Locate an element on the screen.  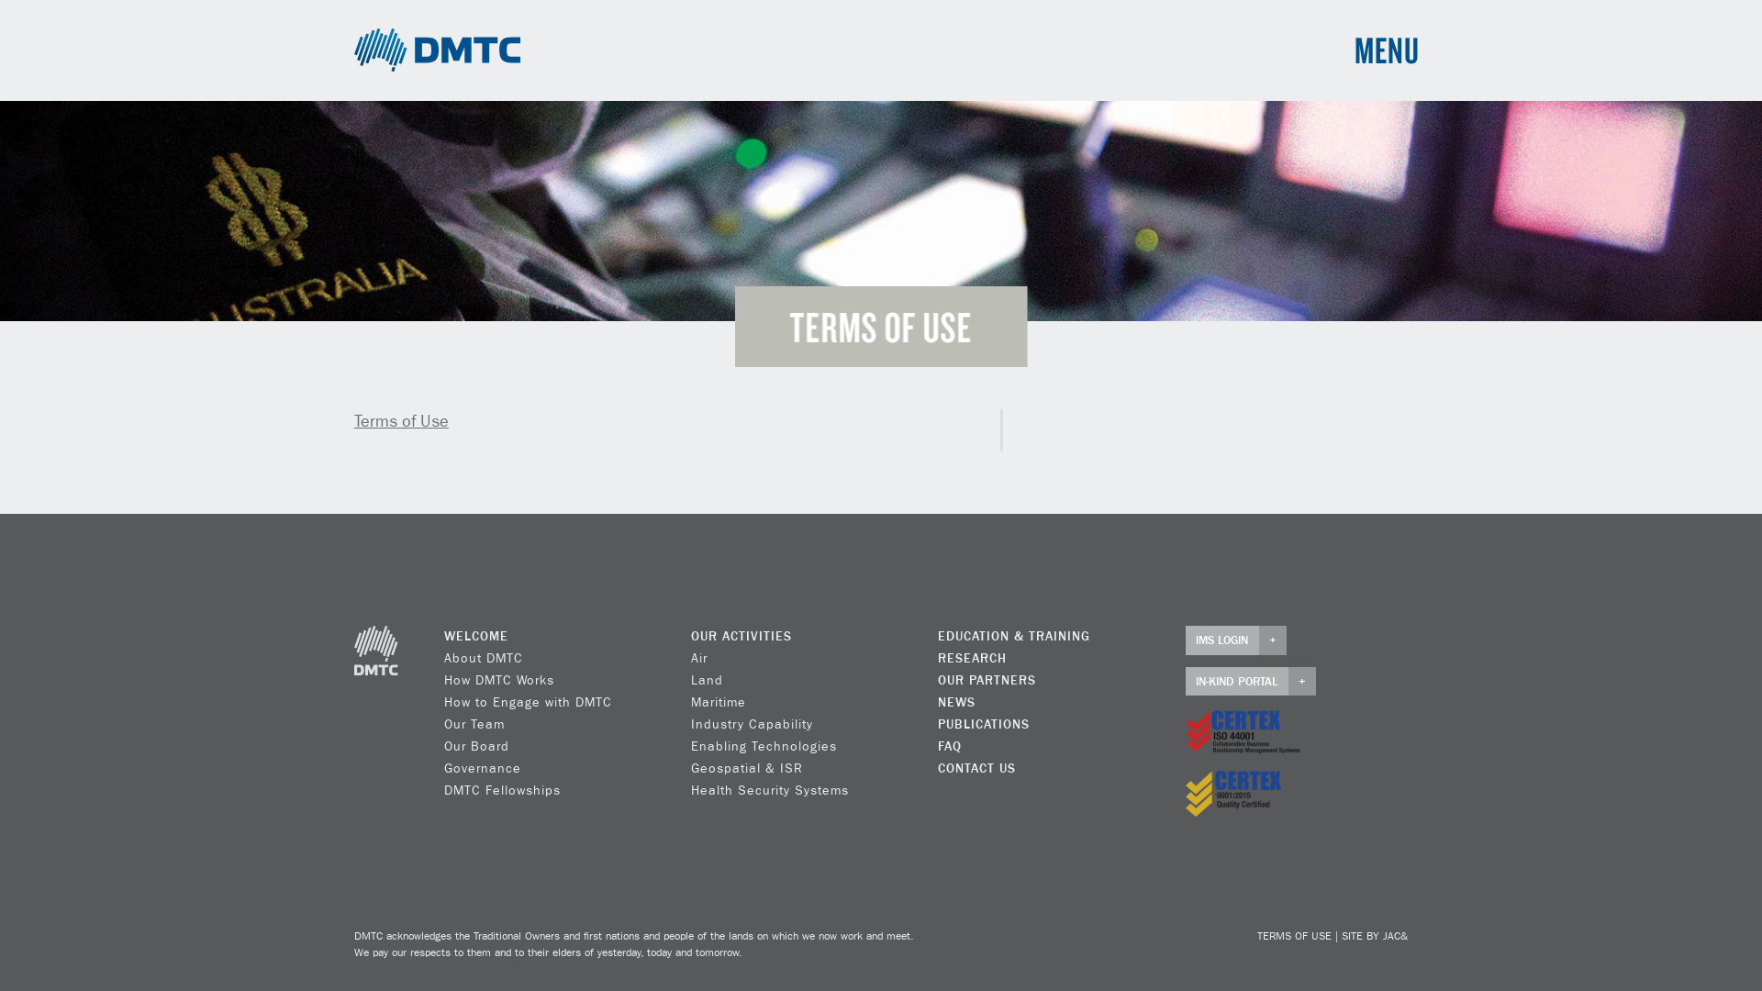
'EDUCATION & TRAINING' is located at coordinates (1012, 636).